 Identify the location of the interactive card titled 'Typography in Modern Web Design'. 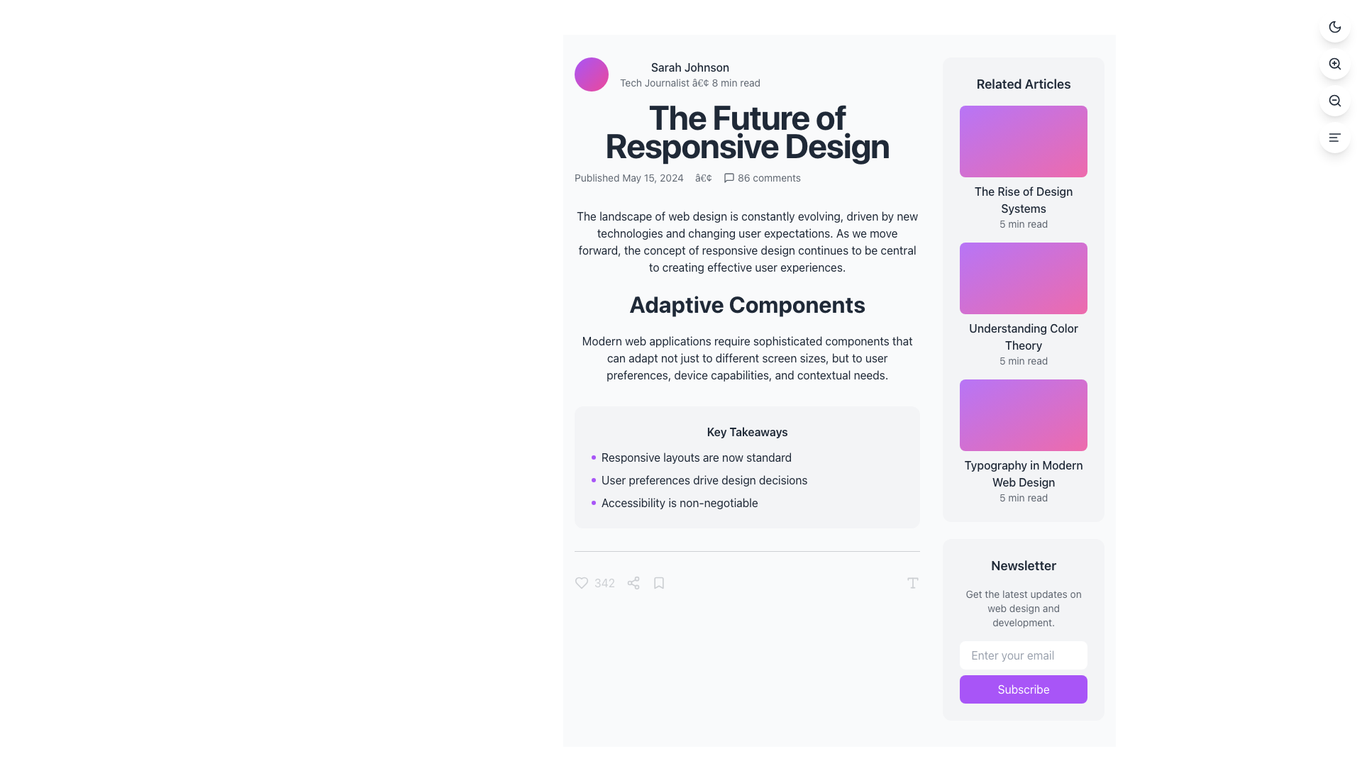
(1024, 441).